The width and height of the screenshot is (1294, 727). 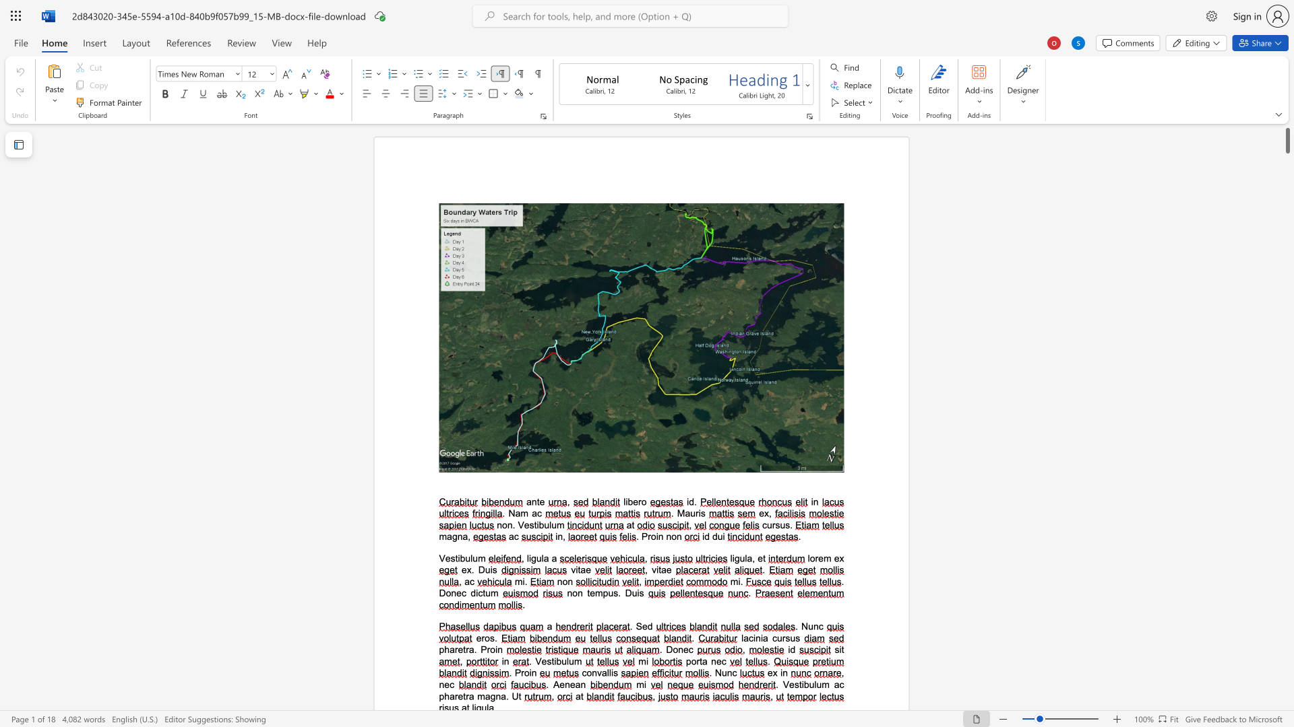 What do you see at coordinates (523, 524) in the screenshot?
I see `the space between the continuous character "V" and "e" in the text` at bounding box center [523, 524].